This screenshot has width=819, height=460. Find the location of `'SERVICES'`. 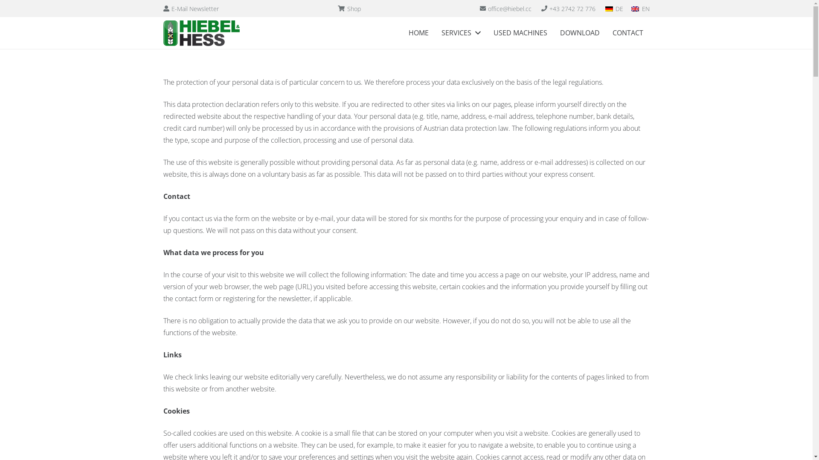

'SERVICES' is located at coordinates (460, 32).